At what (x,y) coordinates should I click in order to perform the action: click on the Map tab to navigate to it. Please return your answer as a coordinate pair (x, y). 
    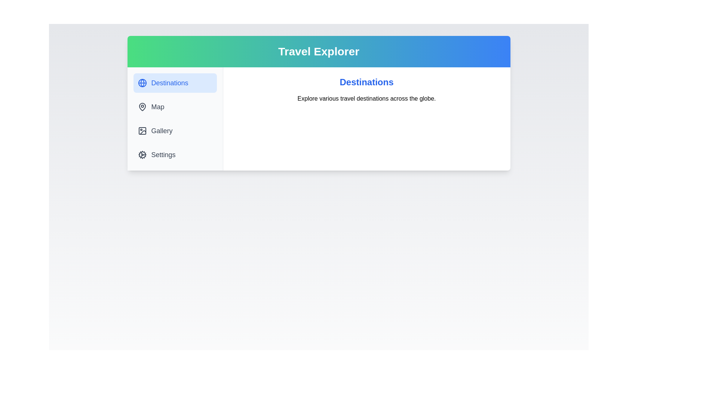
    Looking at the image, I should click on (174, 107).